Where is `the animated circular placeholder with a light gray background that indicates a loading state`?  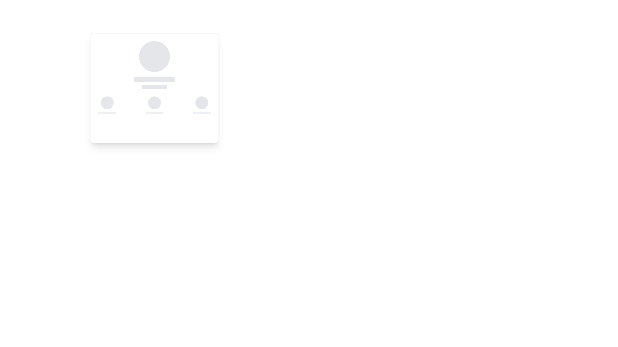 the animated circular placeholder with a light gray background that indicates a loading state is located at coordinates (107, 102).